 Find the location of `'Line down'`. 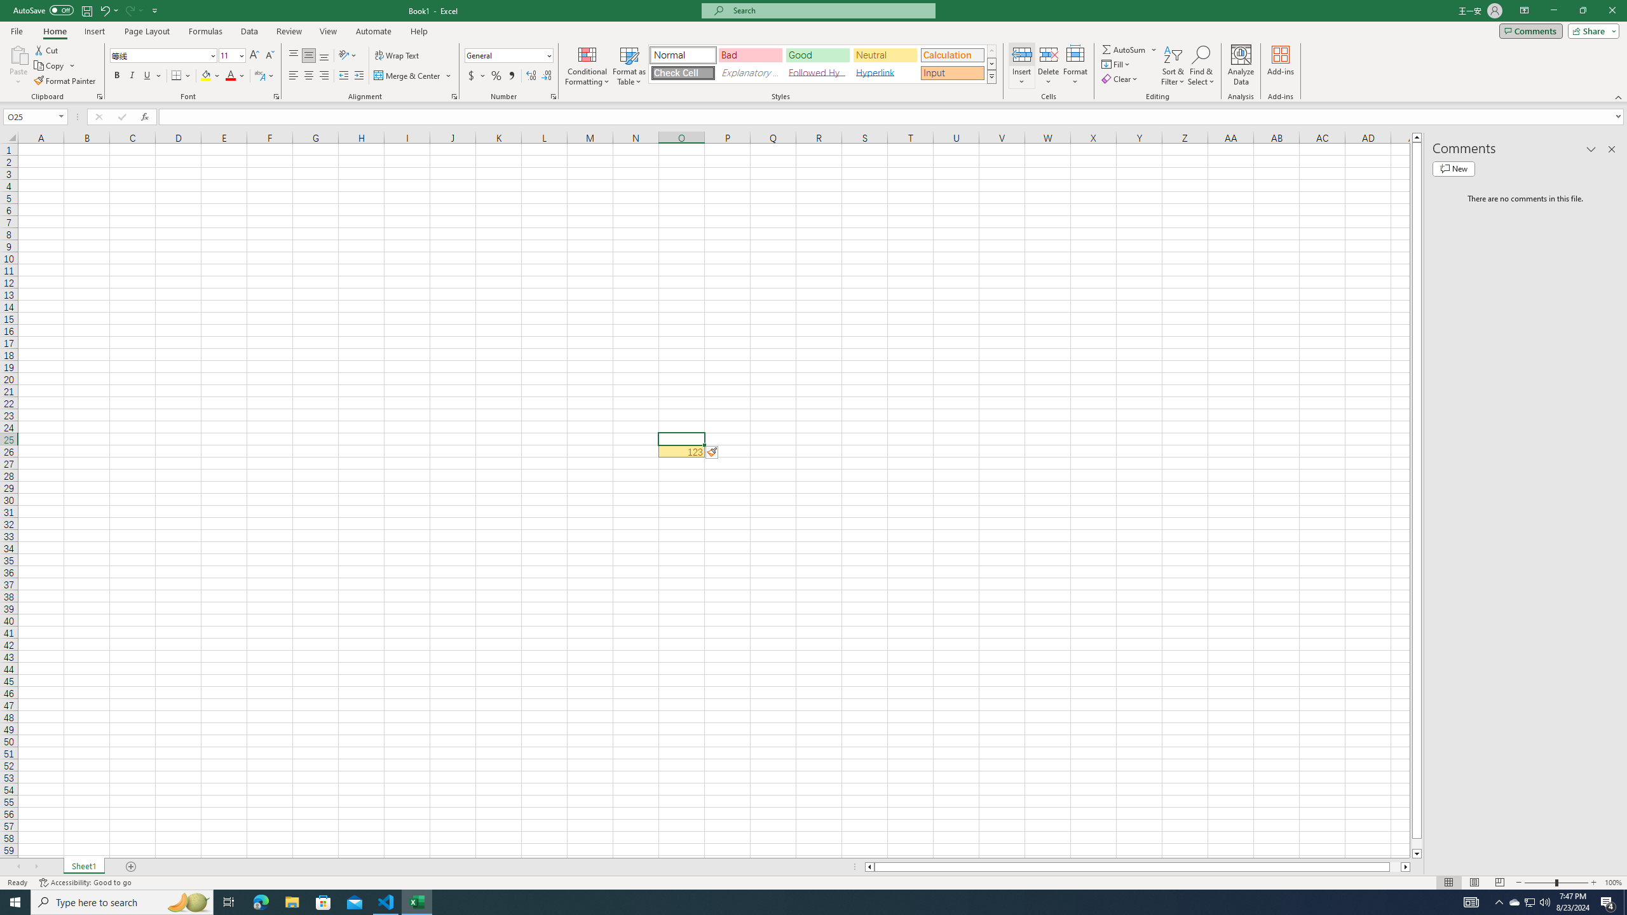

'Line down' is located at coordinates (1417, 854).